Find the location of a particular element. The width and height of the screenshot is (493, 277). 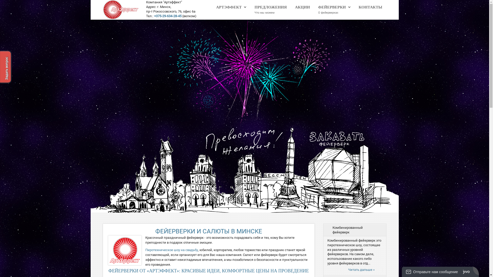

'+375-29-634-28-45' is located at coordinates (168, 16).